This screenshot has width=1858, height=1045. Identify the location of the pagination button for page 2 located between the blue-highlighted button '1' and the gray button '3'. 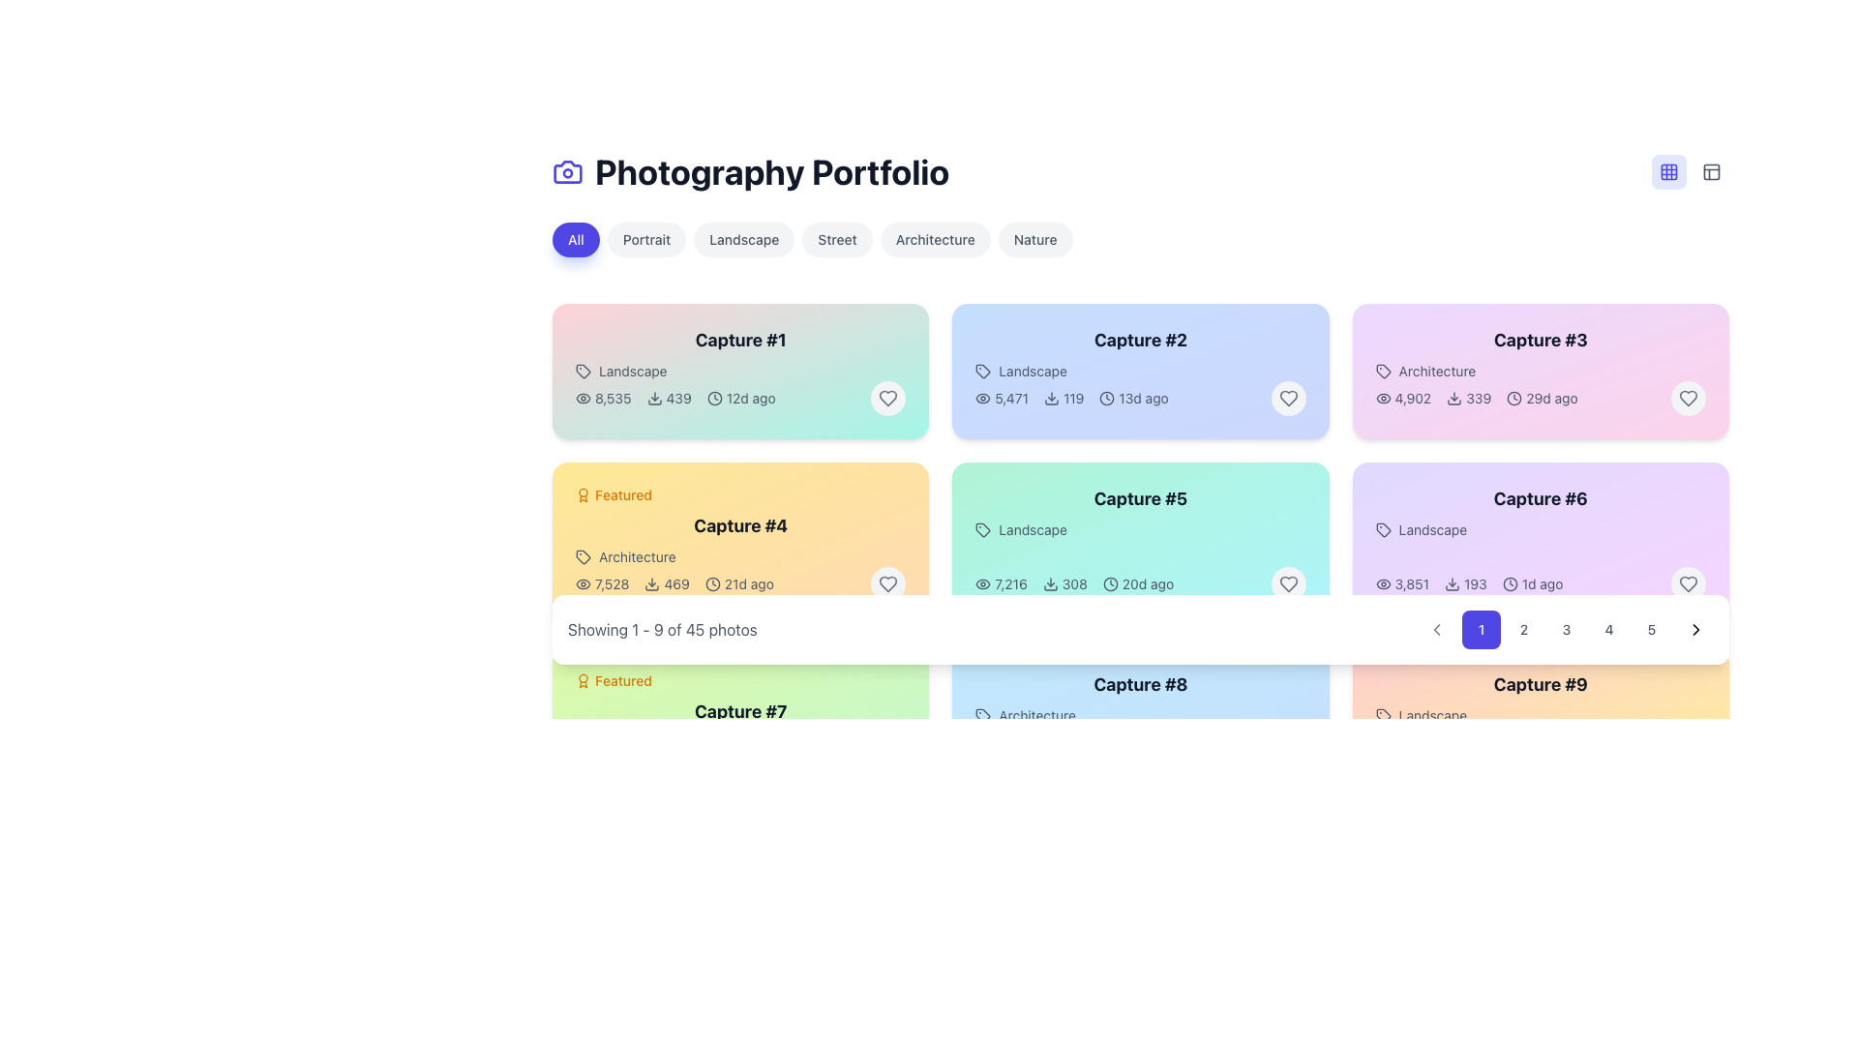
(1522, 630).